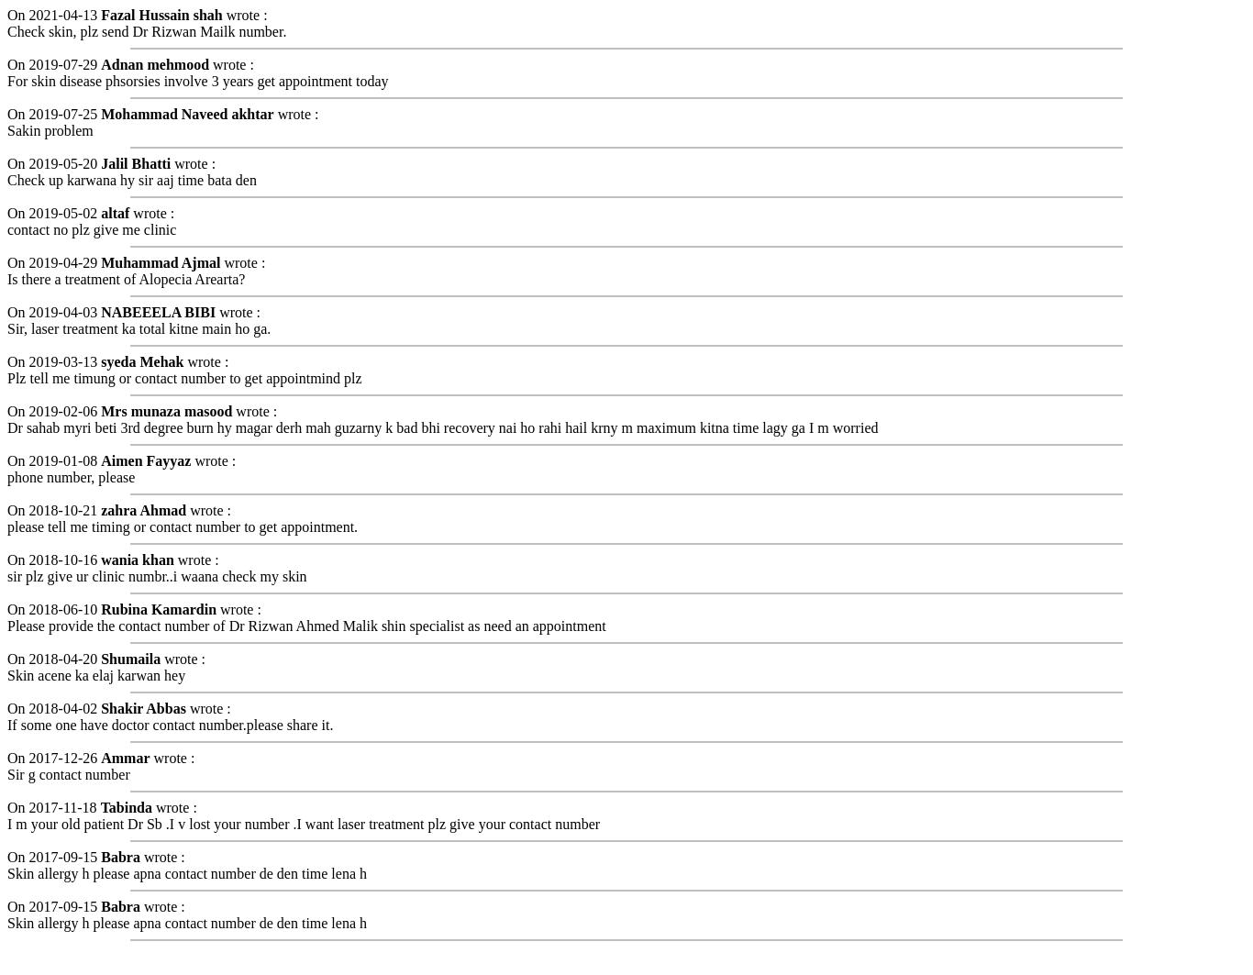  I want to click on 'Aimen Fayyaz', so click(145, 460).